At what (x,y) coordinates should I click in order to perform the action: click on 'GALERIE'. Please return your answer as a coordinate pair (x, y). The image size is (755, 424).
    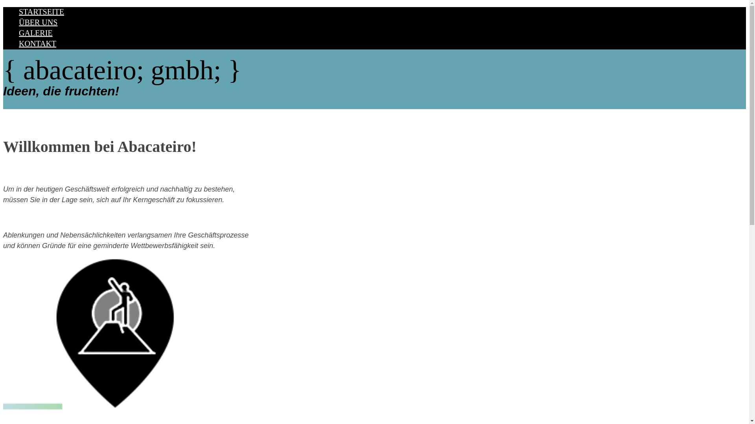
    Looking at the image, I should click on (35, 33).